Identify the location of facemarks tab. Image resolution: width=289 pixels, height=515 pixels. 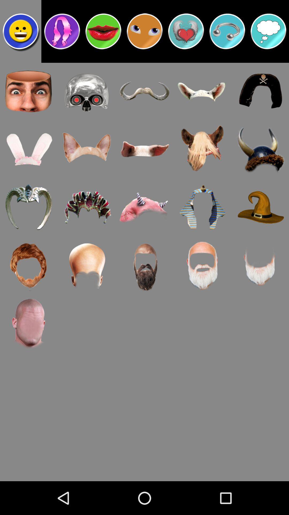
(20, 31).